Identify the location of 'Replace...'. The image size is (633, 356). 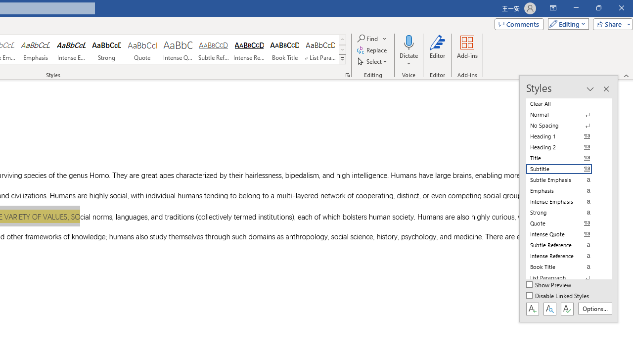
(372, 50).